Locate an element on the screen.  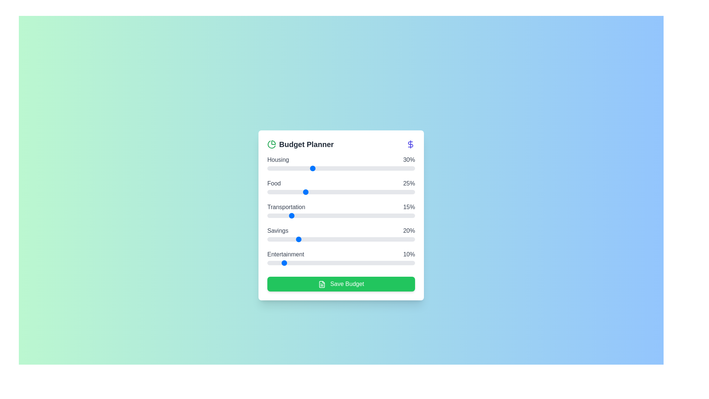
the slider for 'Food' to set its percentage to 49 is located at coordinates (339, 192).